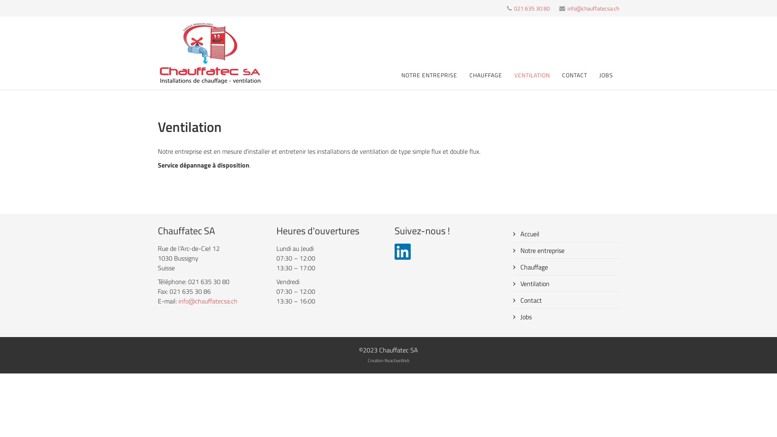  I want to click on 'Ventilation', so click(566, 283).